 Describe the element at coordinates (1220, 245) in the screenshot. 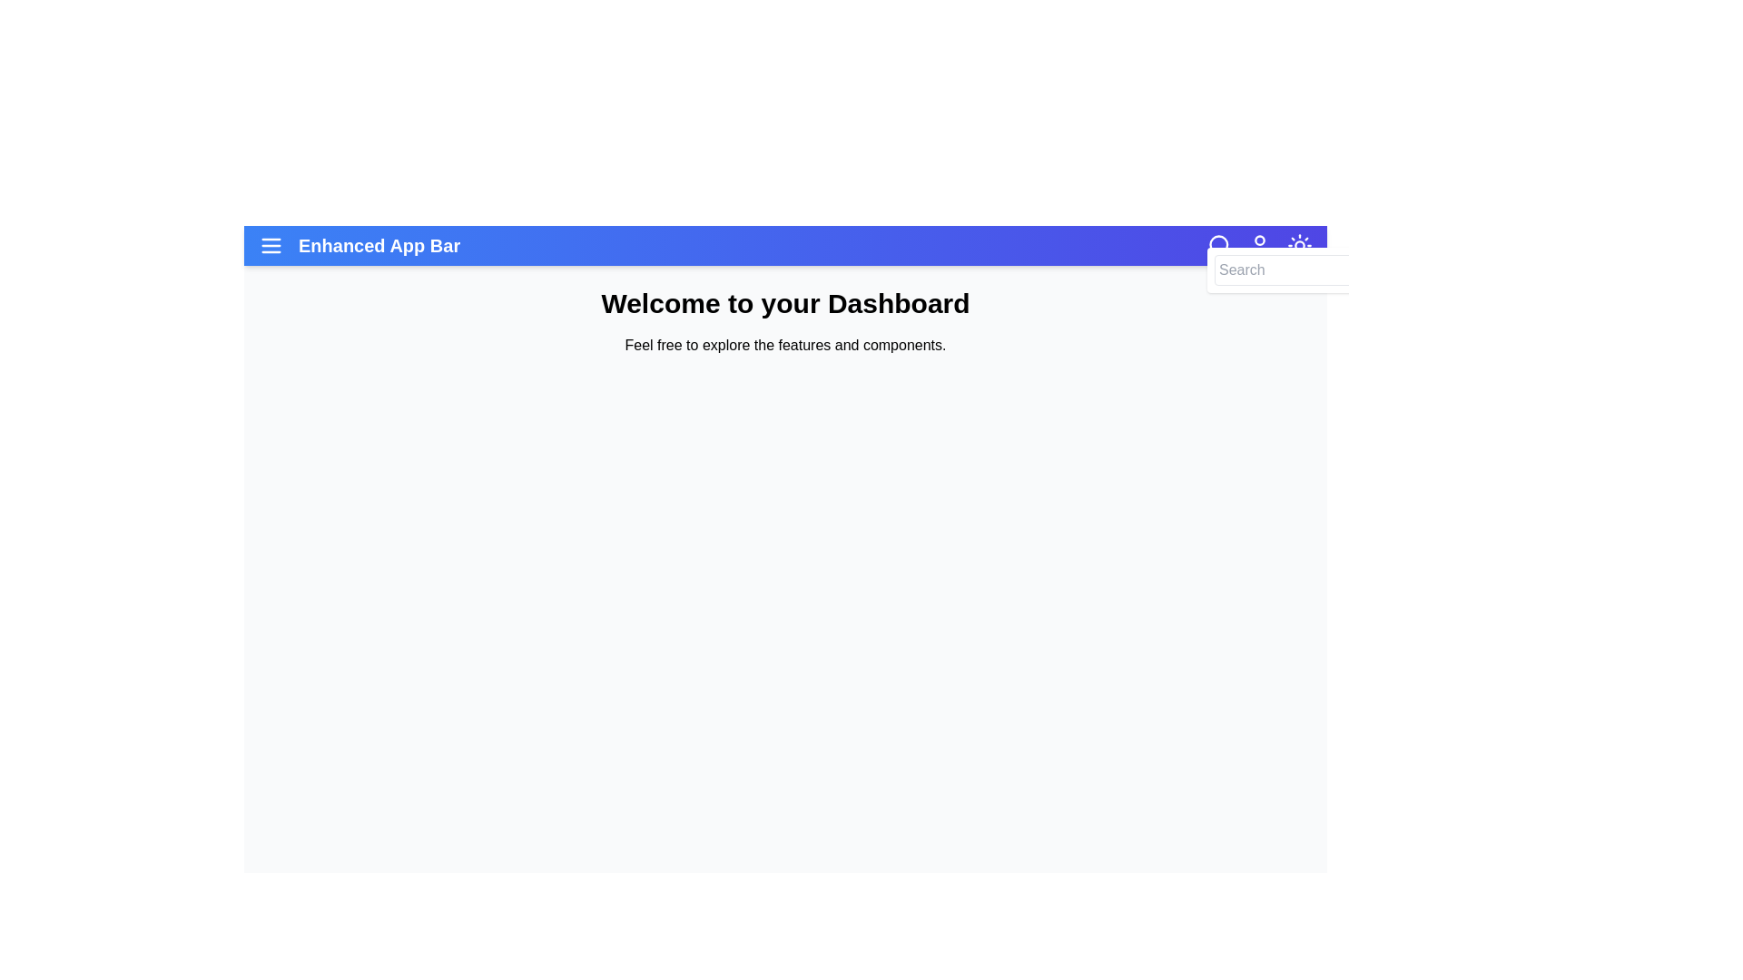

I see `the search icon to toggle the visibility of the search bar` at that location.